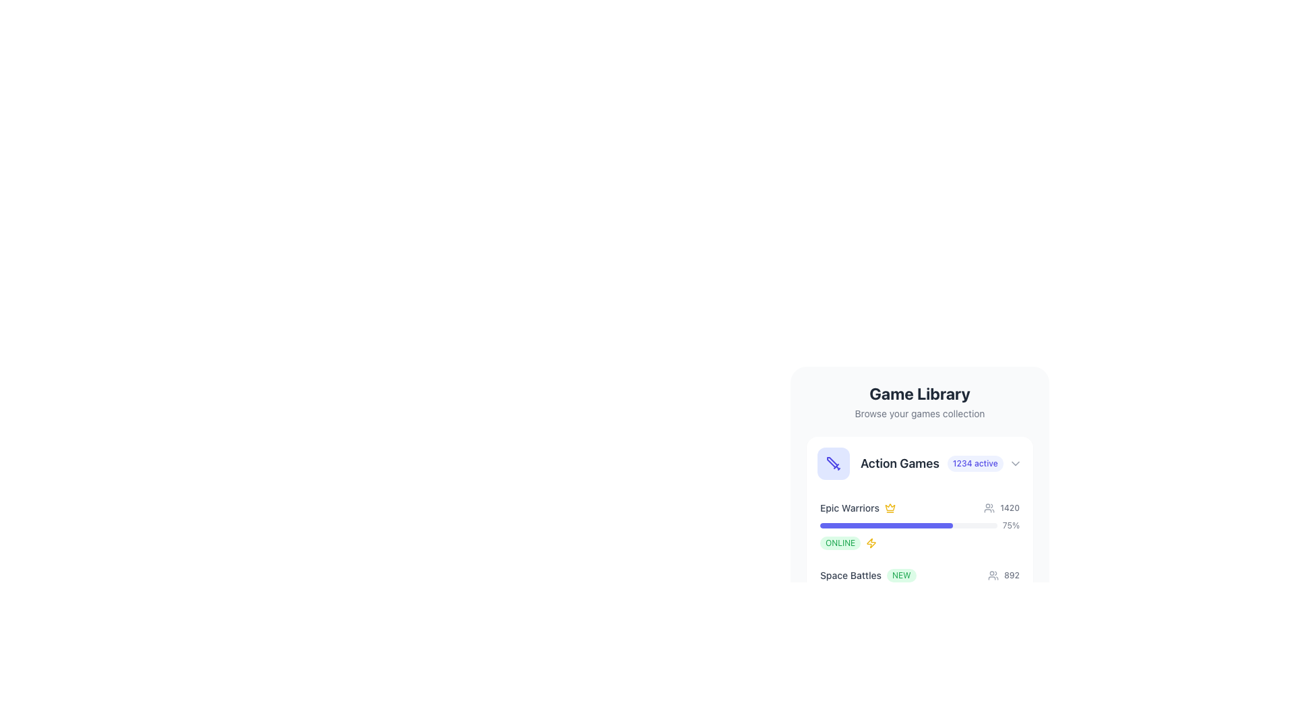 The width and height of the screenshot is (1294, 728). Describe the element at coordinates (1016, 462) in the screenshot. I see `the chevron dropdown indicator located at the far-right end of the 'Action Games' component` at that location.